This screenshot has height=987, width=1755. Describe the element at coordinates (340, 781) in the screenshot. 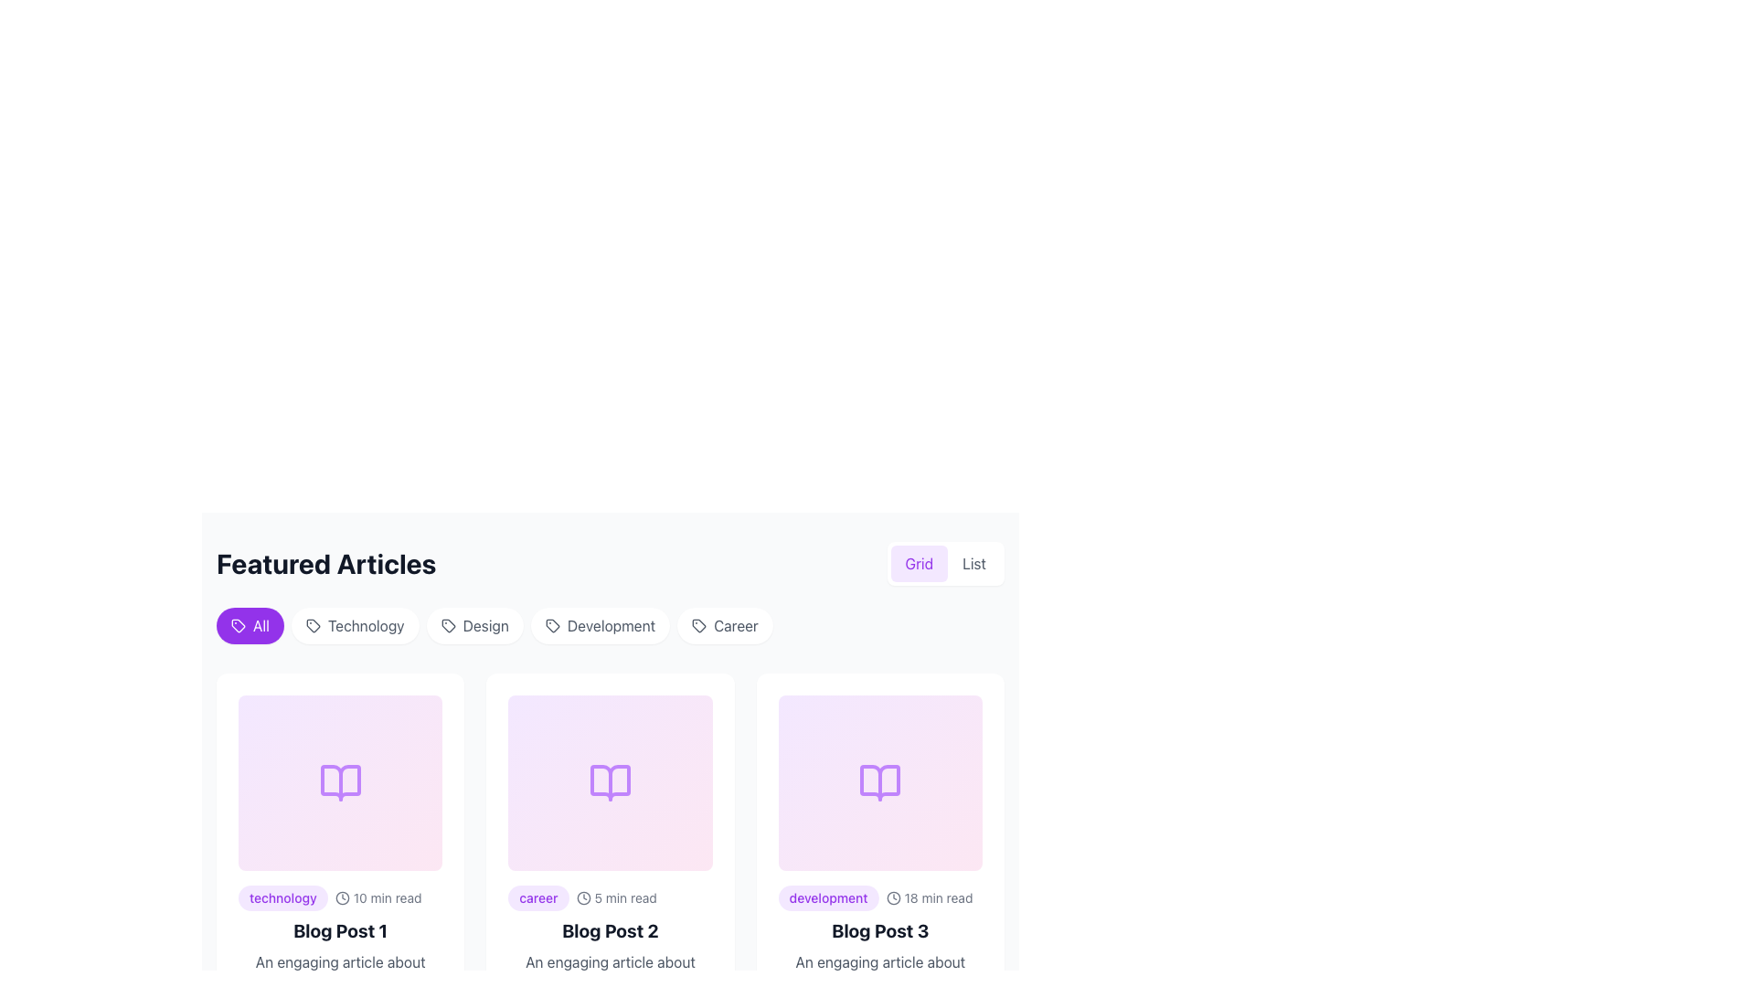

I see `the open book icon located at the top-center of the first card in the featured articles grid, which is above the 'Blog Post 1' title and has a purple hue on a pinkish background` at that location.